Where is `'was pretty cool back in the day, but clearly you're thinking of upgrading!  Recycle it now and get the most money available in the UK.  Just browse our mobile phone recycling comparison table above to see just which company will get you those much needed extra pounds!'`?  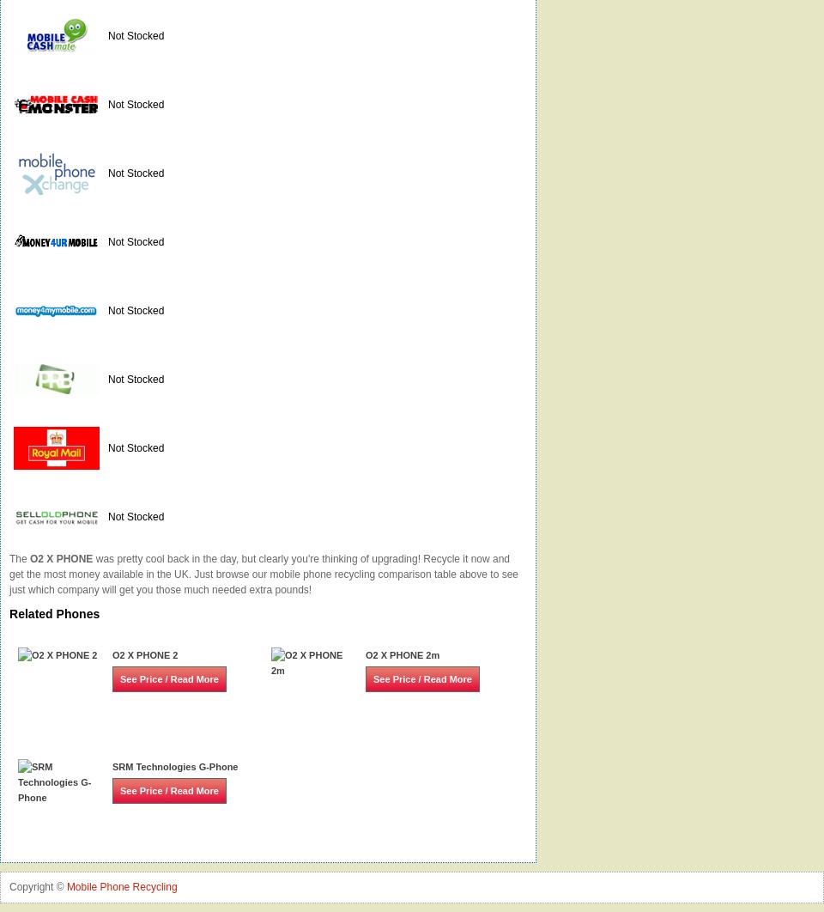 'was pretty cool back in the day, but clearly you're thinking of upgrading!  Recycle it now and get the most money available in the UK.  Just browse our mobile phone recycling comparison table above to see just which company will get you those much needed extra pounds!' is located at coordinates (9, 574).